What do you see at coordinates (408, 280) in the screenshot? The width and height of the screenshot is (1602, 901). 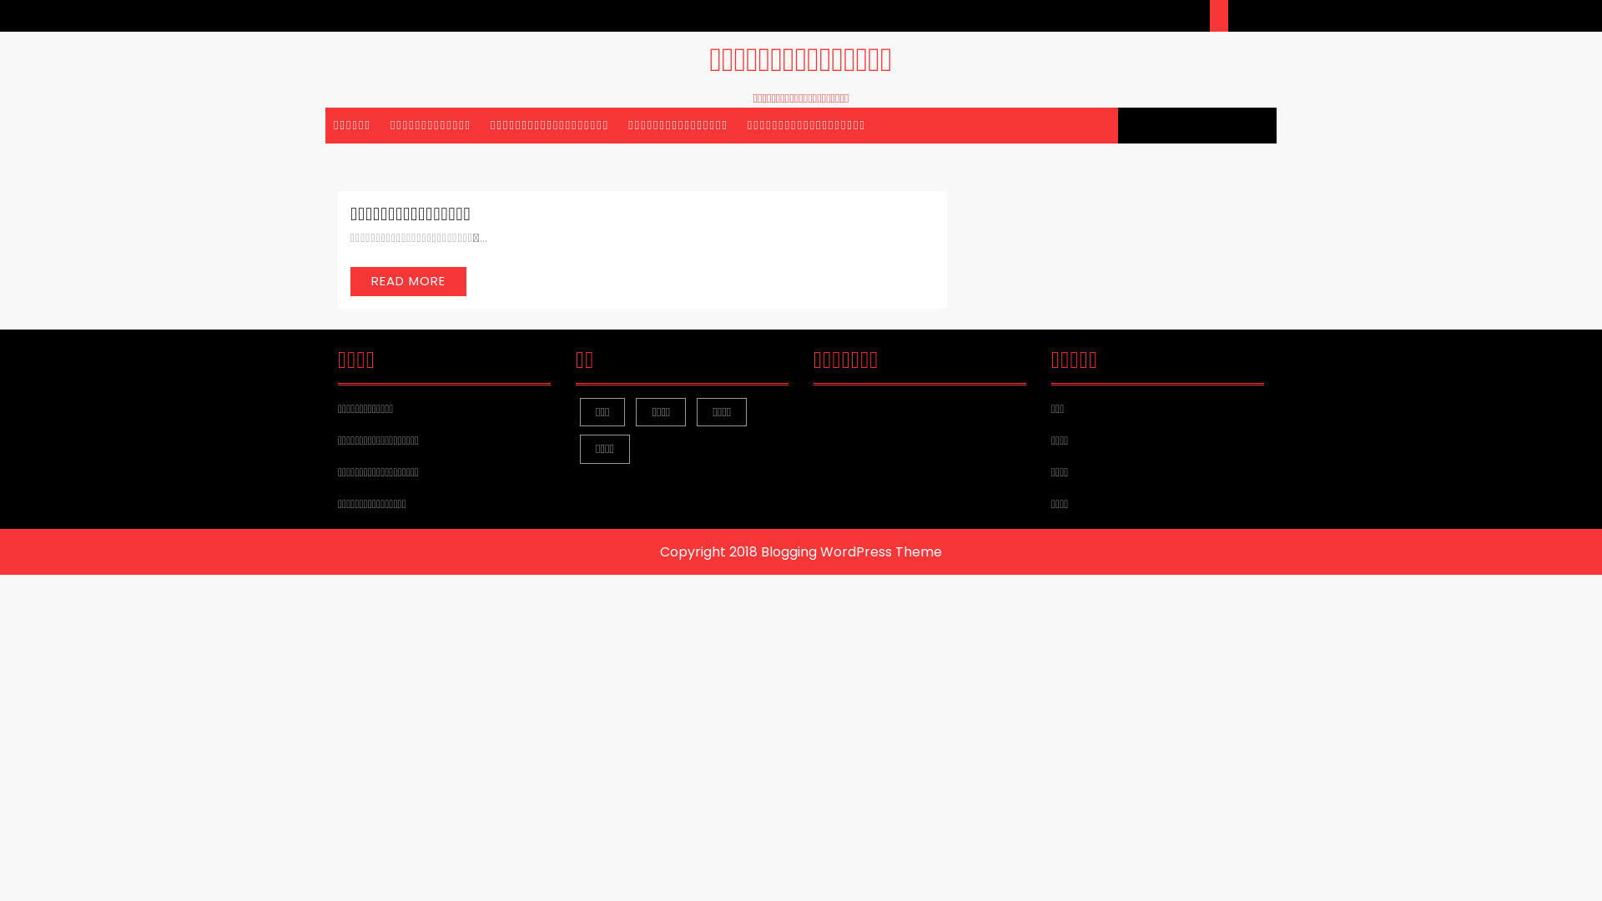 I see `'READ MORE'` at bounding box center [408, 280].